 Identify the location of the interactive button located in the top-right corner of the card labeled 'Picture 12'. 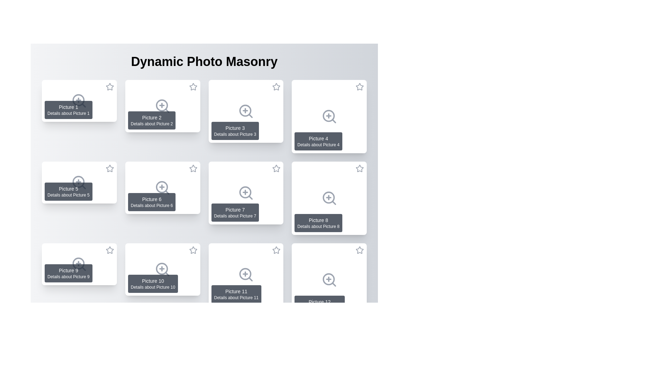
(360, 250).